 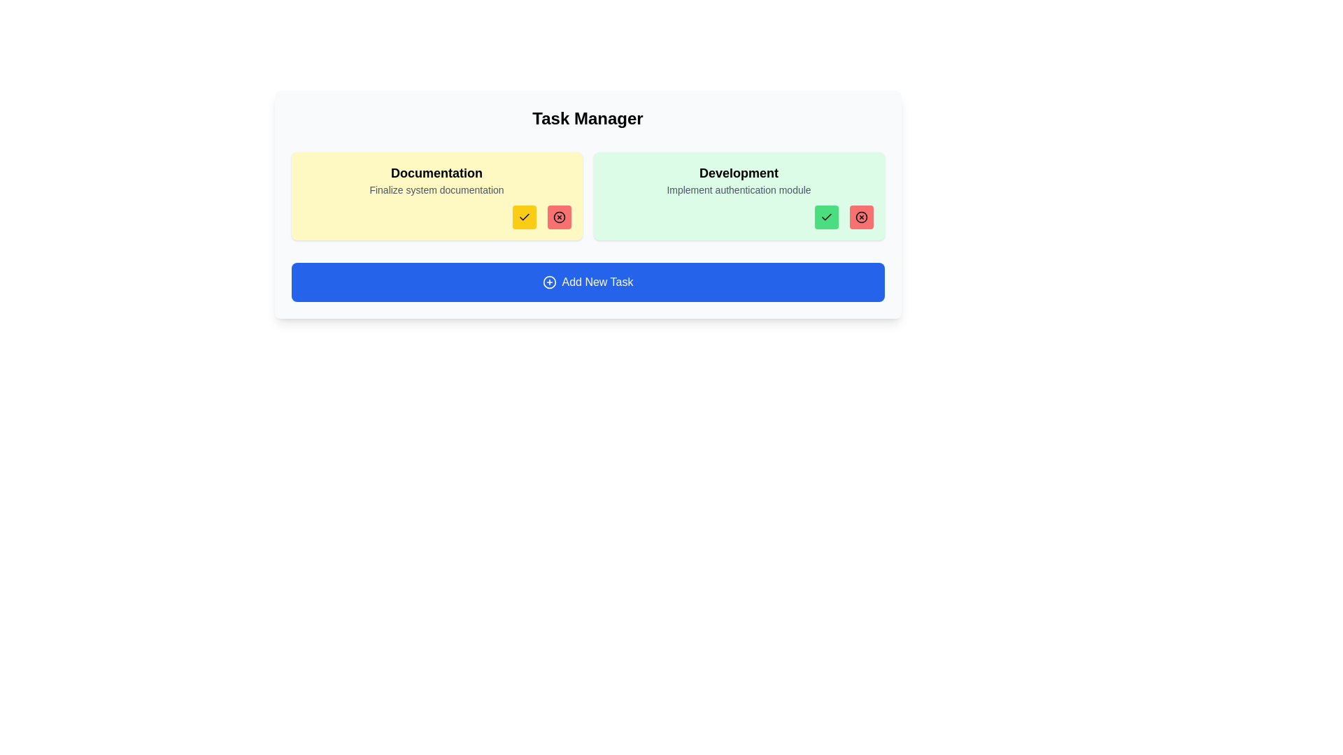 I want to click on the informational text 'Finalize system documentation' which is located below the 'Documentation' header in a card-like layout with a yellow background, so click(x=436, y=190).